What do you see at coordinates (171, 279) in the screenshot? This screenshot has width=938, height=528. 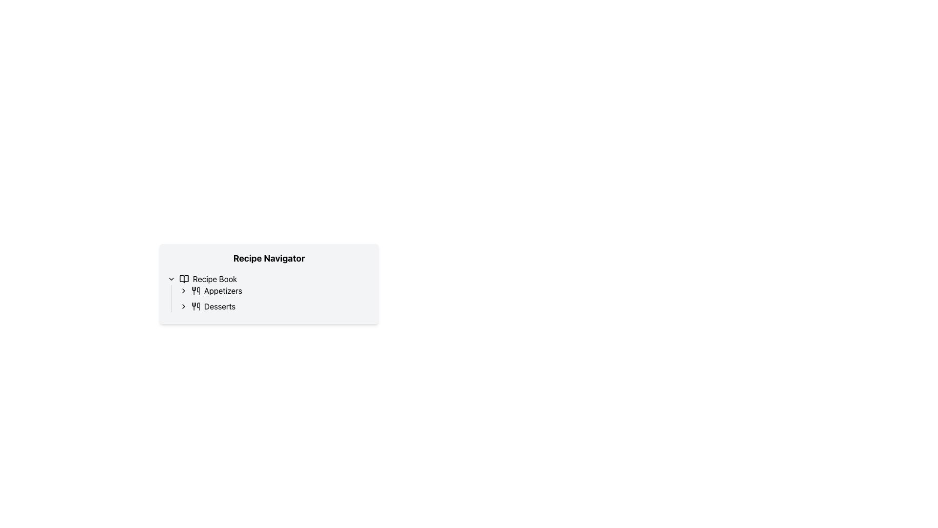 I see `the visibility toggle icon located immediately to the left of the 'Recipe Book' text` at bounding box center [171, 279].